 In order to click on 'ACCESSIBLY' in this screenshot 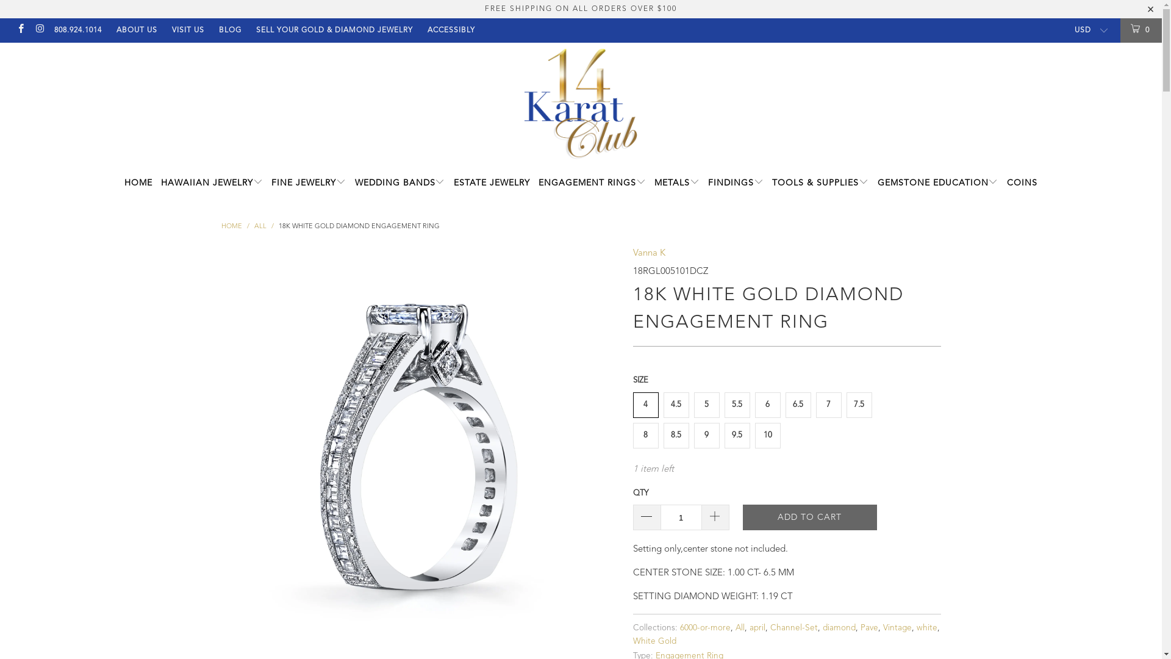, I will do `click(450, 30)`.